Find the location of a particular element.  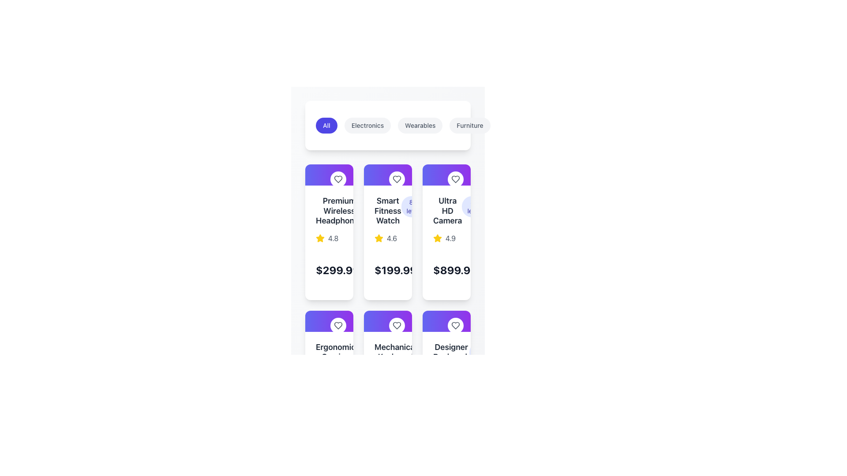

the text display component that shows the product name 'Smart Fitness Watch' and its stock status '8 left', located in the second card of the product list is located at coordinates (388, 211).